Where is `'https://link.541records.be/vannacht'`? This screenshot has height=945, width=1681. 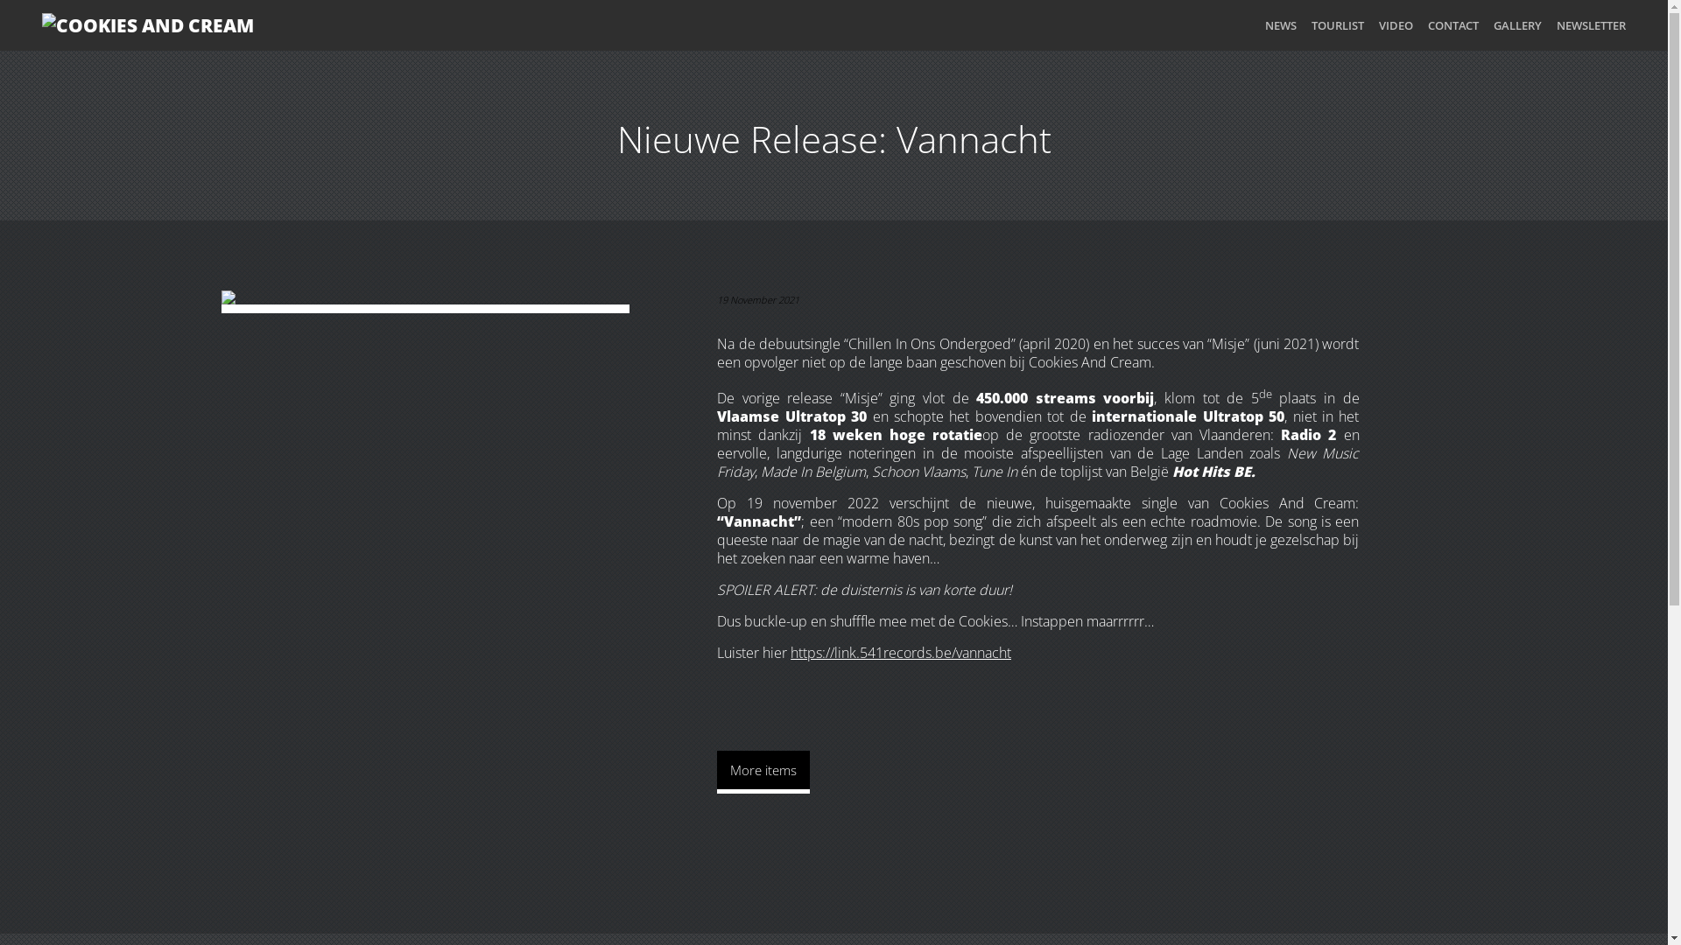 'https://link.541records.be/vannacht' is located at coordinates (789, 653).